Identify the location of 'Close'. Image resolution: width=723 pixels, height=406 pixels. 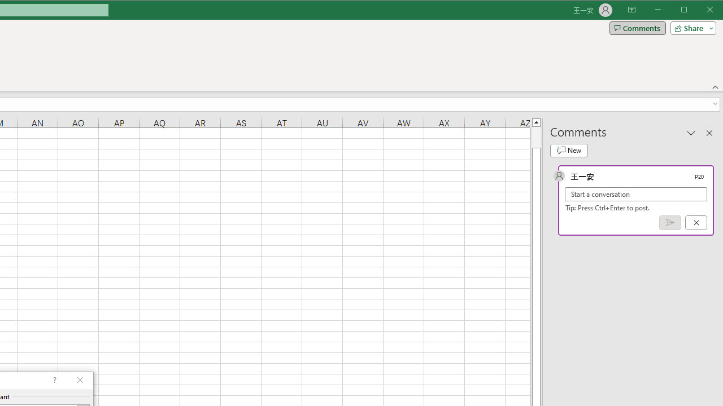
(712, 11).